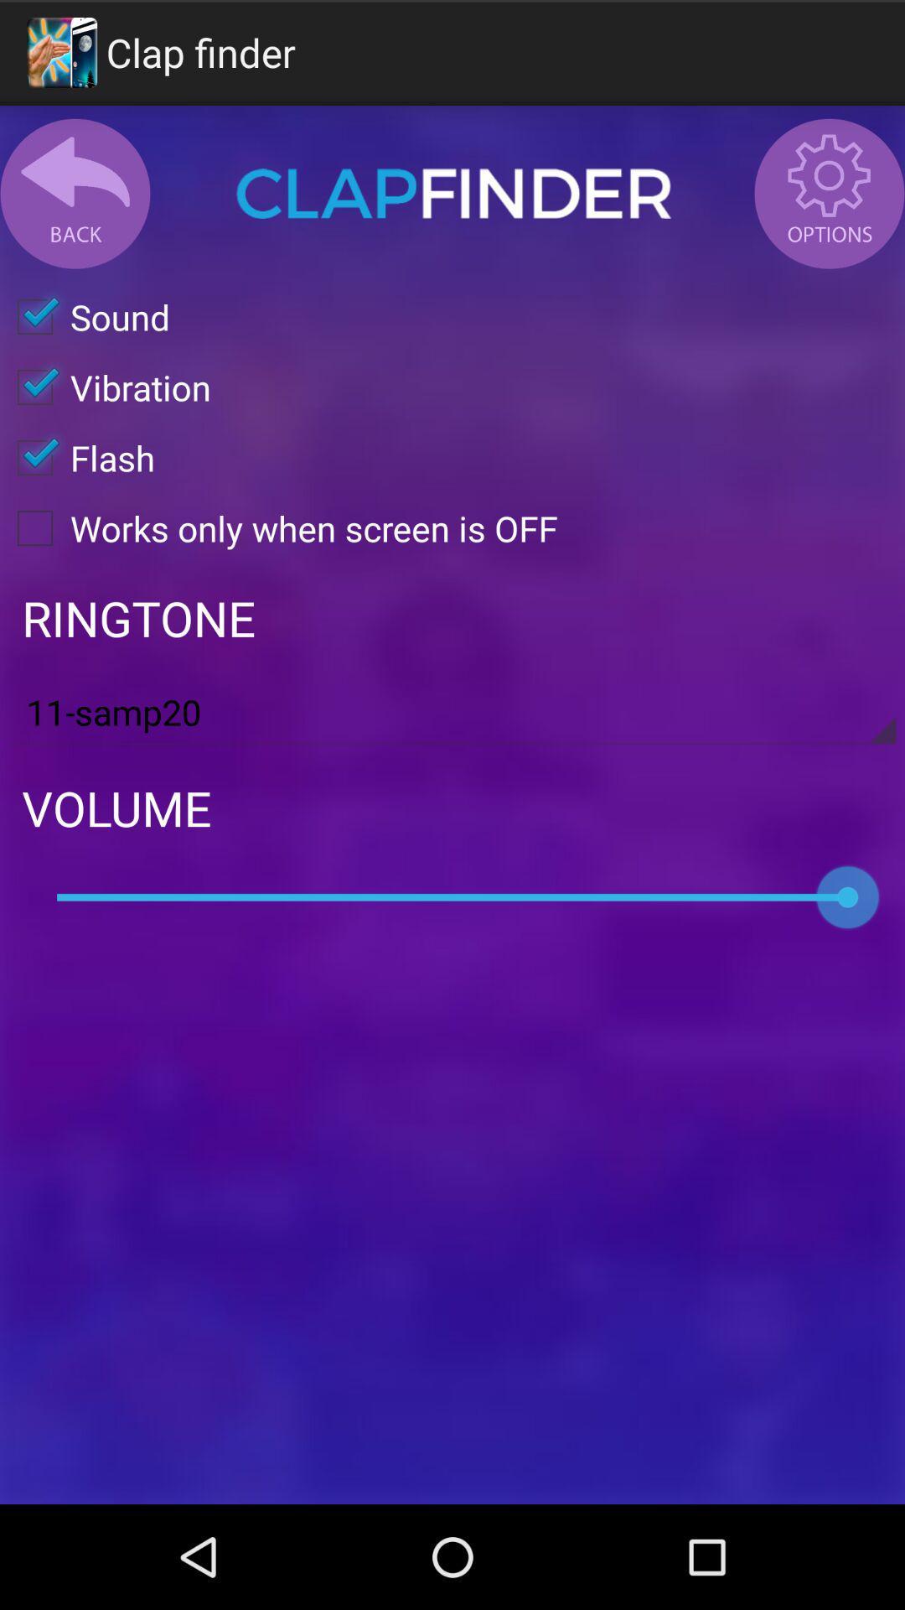 The height and width of the screenshot is (1610, 905). What do you see at coordinates (452, 193) in the screenshot?
I see `item above the sound icon` at bounding box center [452, 193].